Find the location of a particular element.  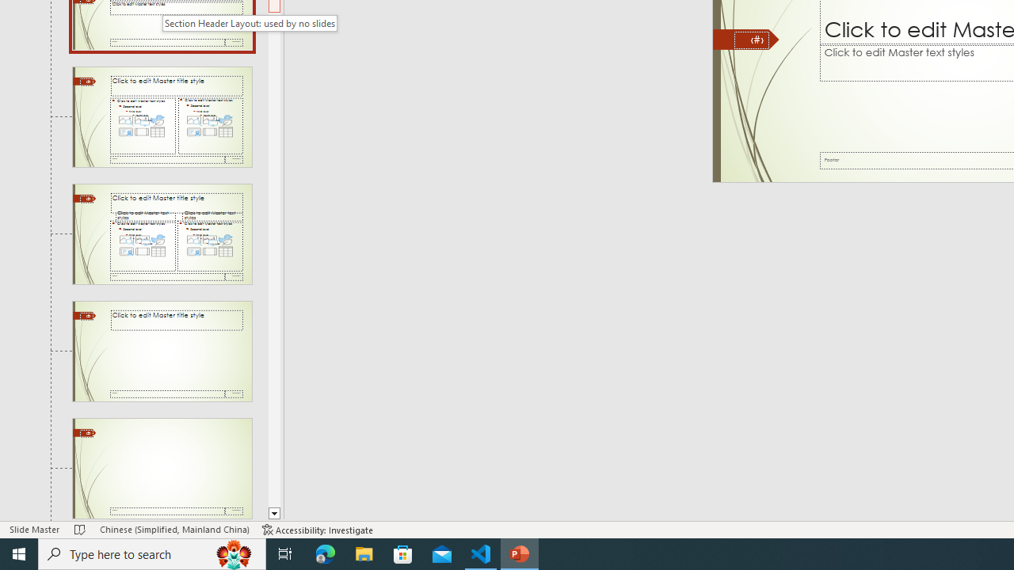

'Slide Blank Layout: used by no slides' is located at coordinates (162, 468).